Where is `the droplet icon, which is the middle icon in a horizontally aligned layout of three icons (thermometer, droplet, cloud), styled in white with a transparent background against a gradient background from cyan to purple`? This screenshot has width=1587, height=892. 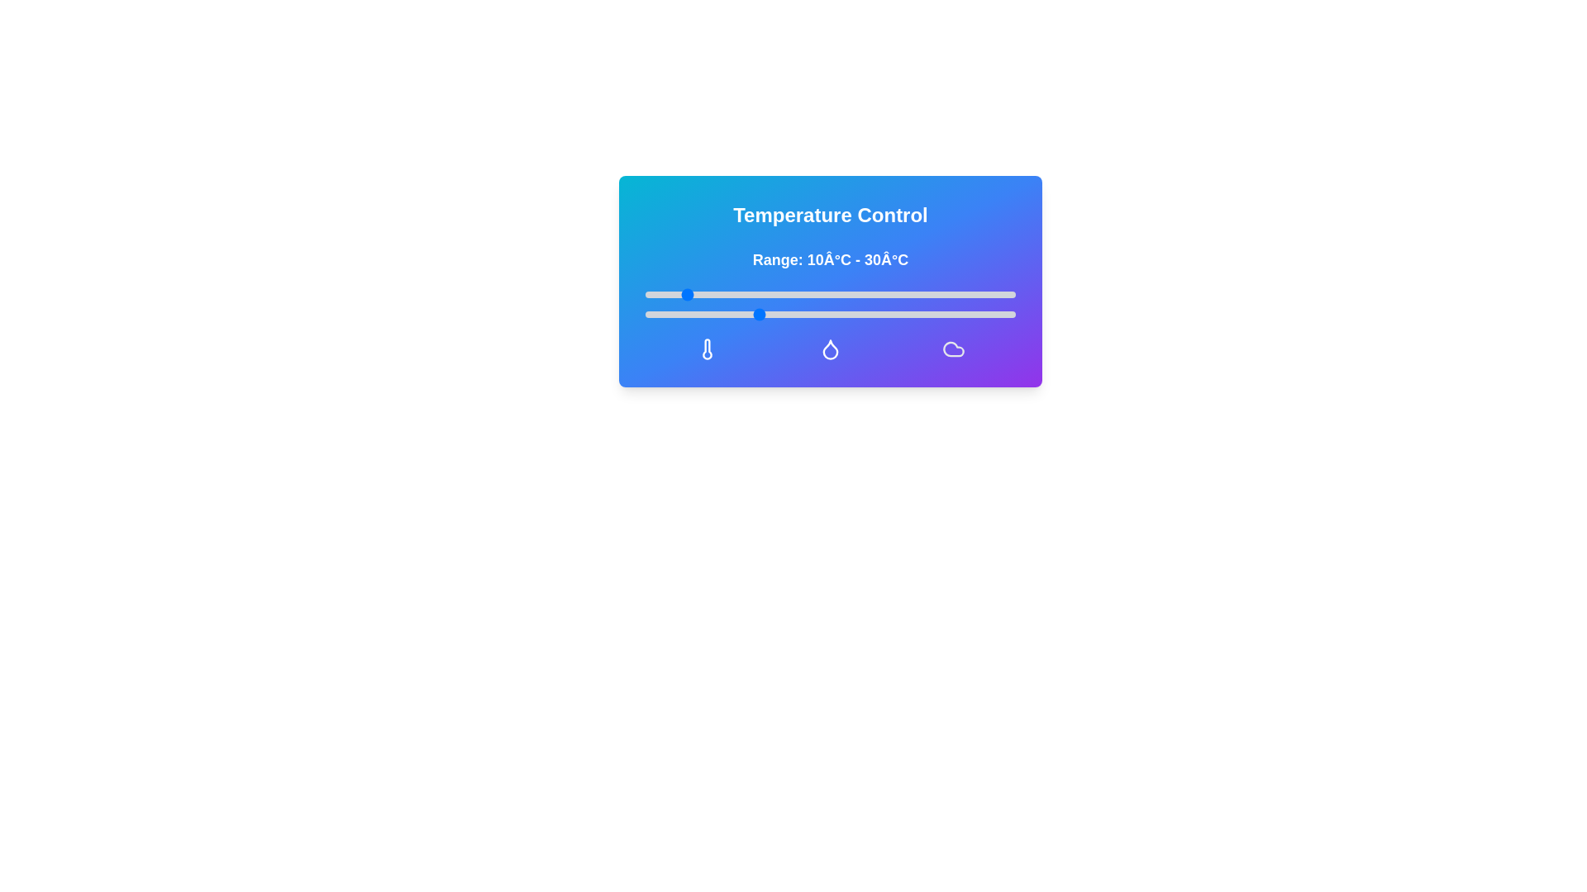 the droplet icon, which is the middle icon in a horizontally aligned layout of three icons (thermometer, droplet, cloud), styled in white with a transparent background against a gradient background from cyan to purple is located at coordinates (830, 349).